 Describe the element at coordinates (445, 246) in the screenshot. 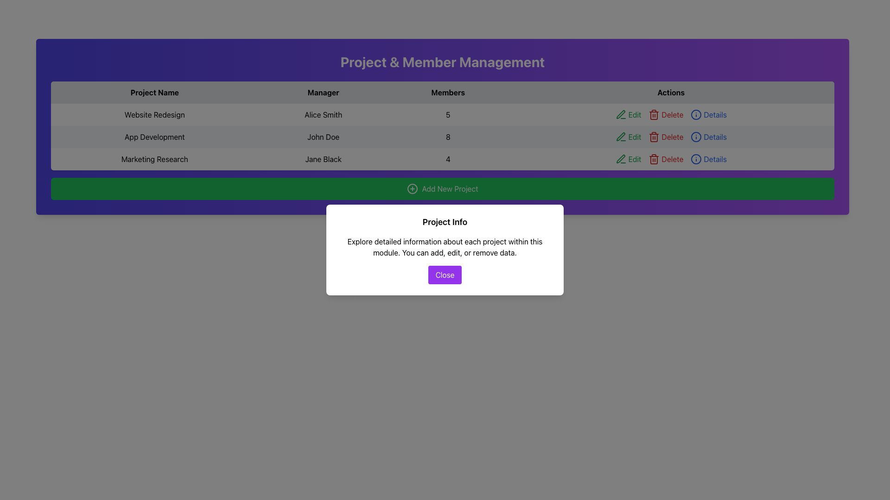

I see `the text block that displays detailed information about projects, located in the modal below the header 'Project Info' and above the 'Close' button` at that location.